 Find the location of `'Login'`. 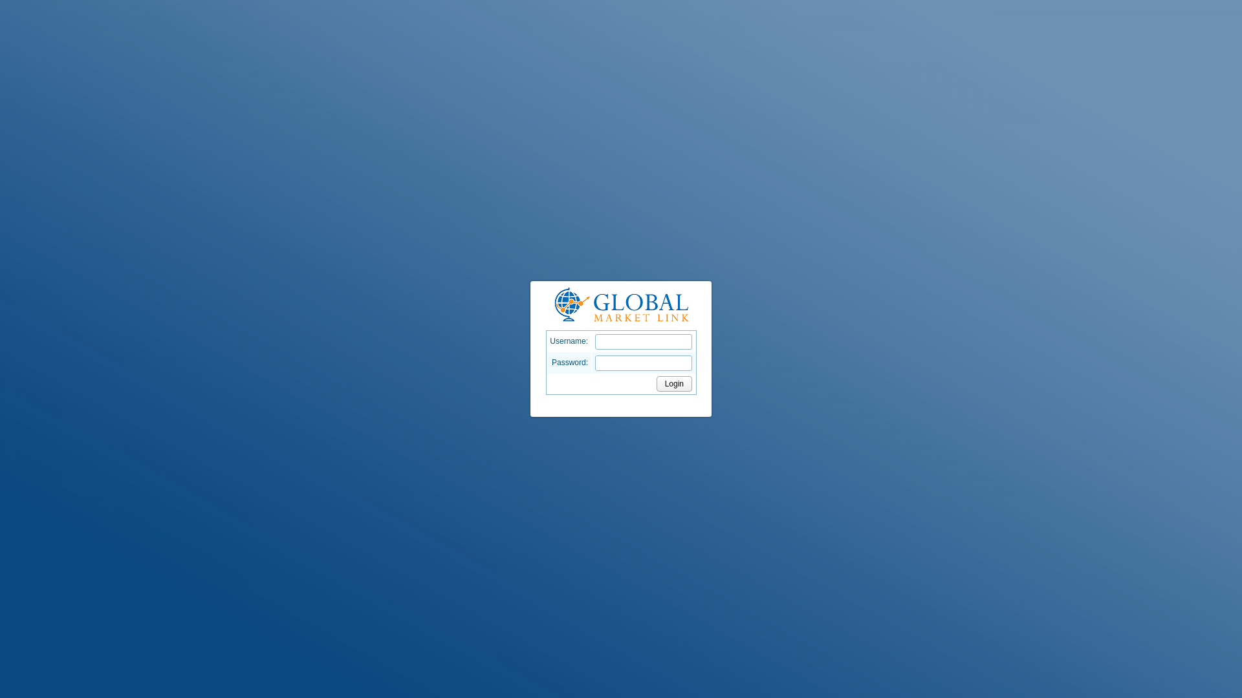

'Login' is located at coordinates (673, 383).